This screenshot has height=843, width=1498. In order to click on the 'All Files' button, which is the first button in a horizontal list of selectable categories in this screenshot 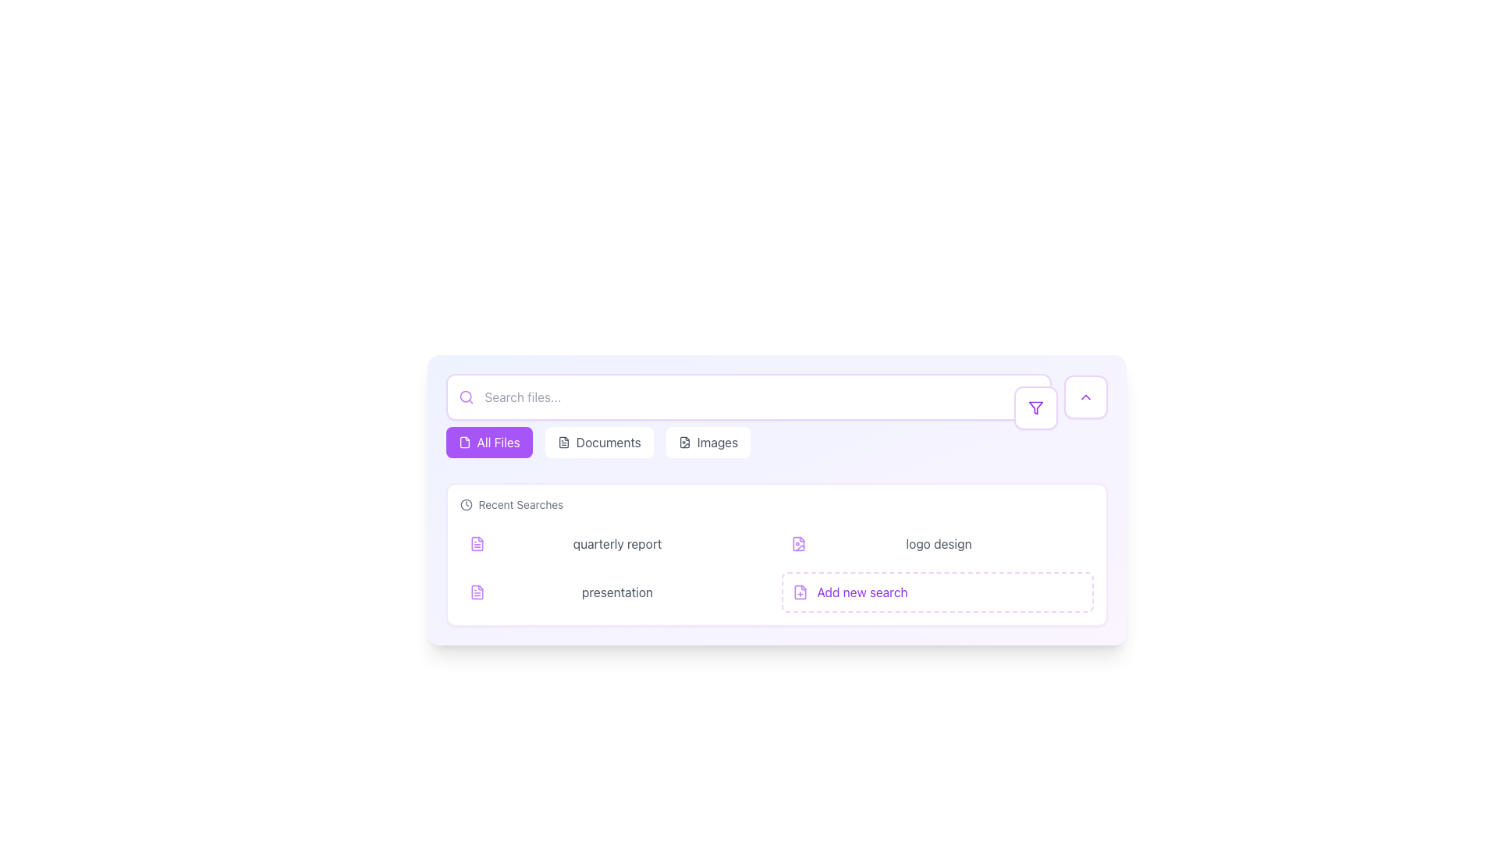, I will do `click(488, 443)`.